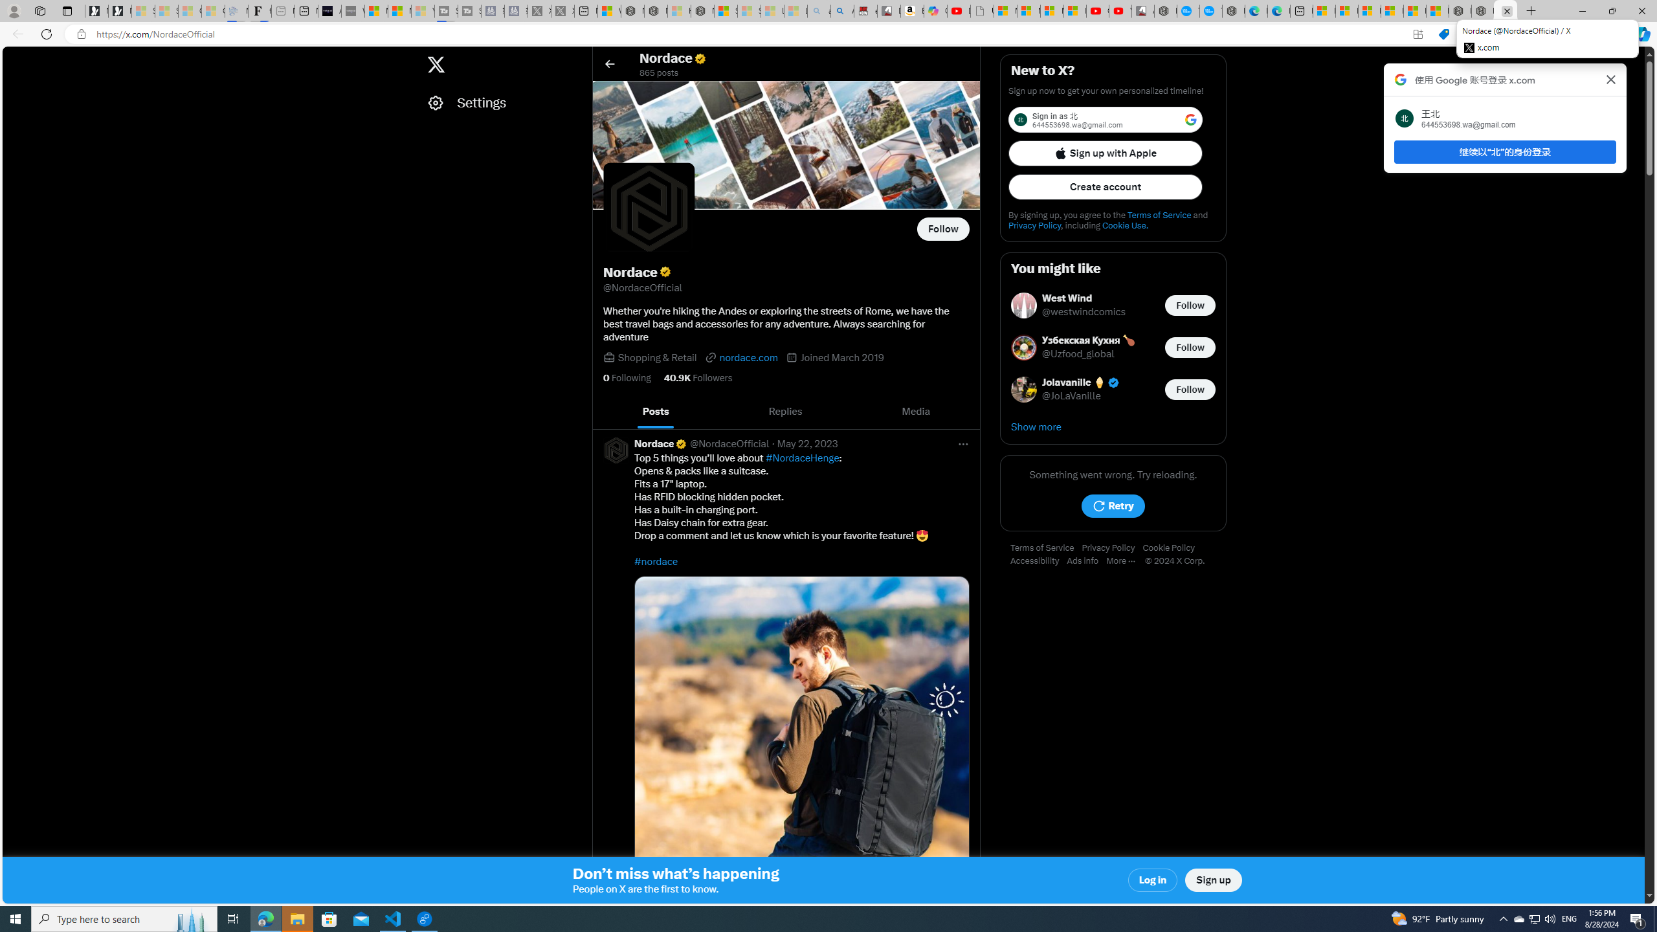 The width and height of the screenshot is (1657, 932). What do you see at coordinates (1045, 548) in the screenshot?
I see `'Terms of Service'` at bounding box center [1045, 548].